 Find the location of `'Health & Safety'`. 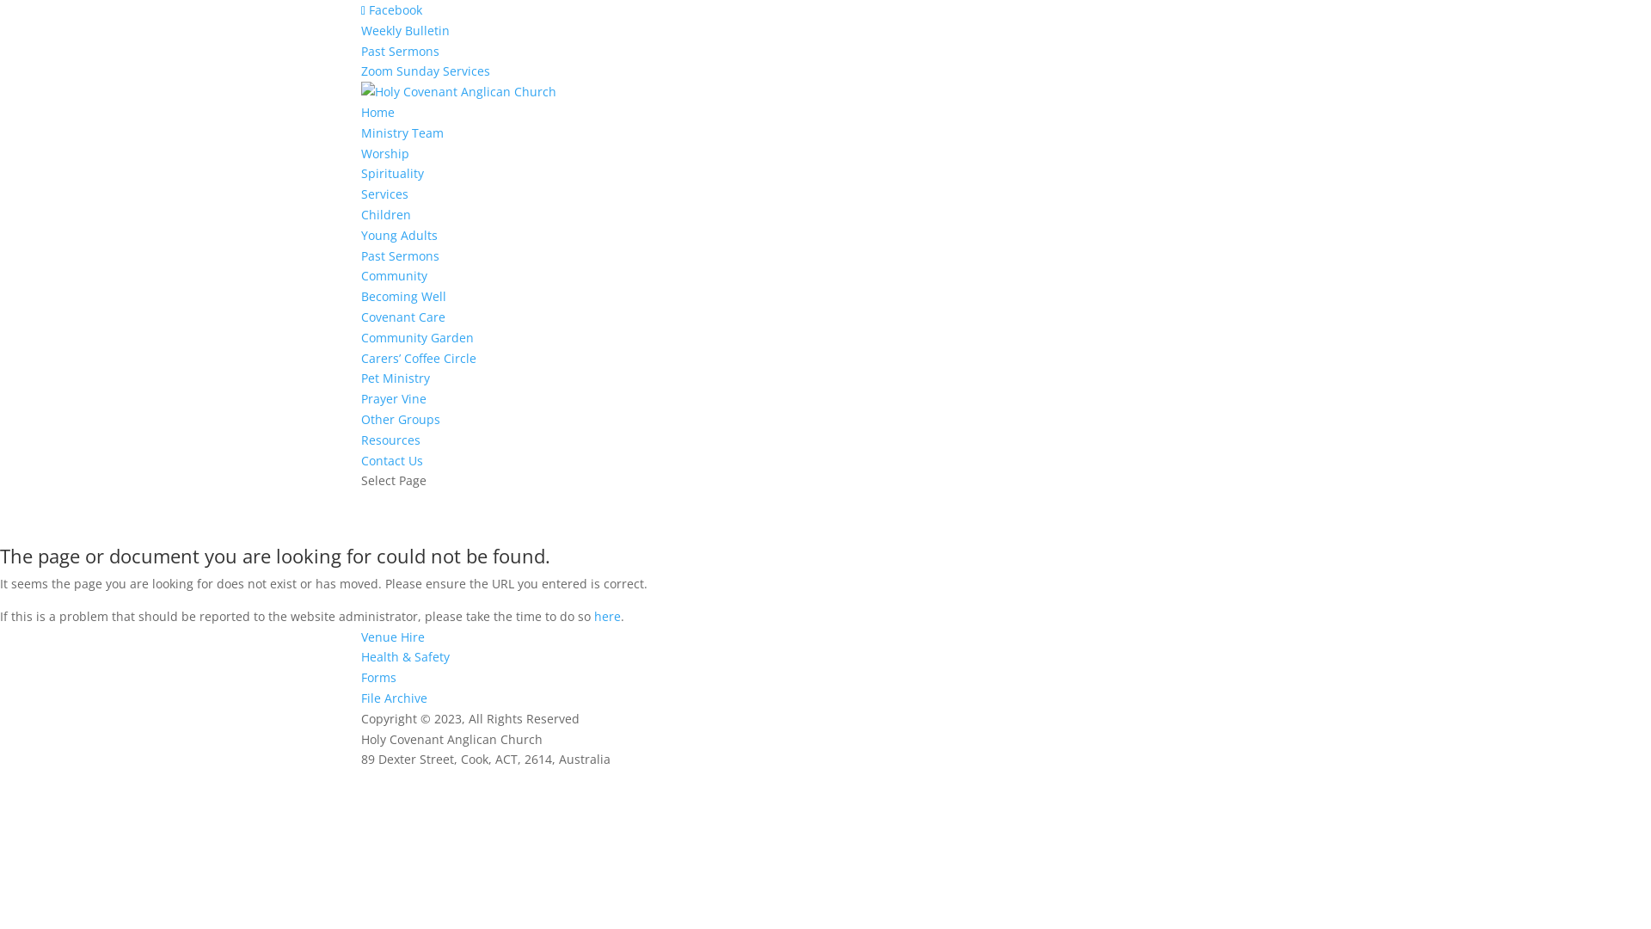

'Health & Safety' is located at coordinates (404, 656).